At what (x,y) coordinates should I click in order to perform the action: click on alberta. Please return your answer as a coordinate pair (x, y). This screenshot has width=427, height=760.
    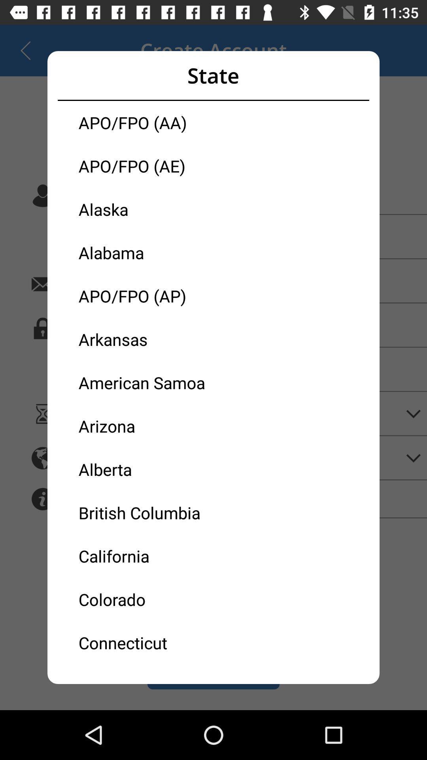
    Looking at the image, I should click on (146, 469).